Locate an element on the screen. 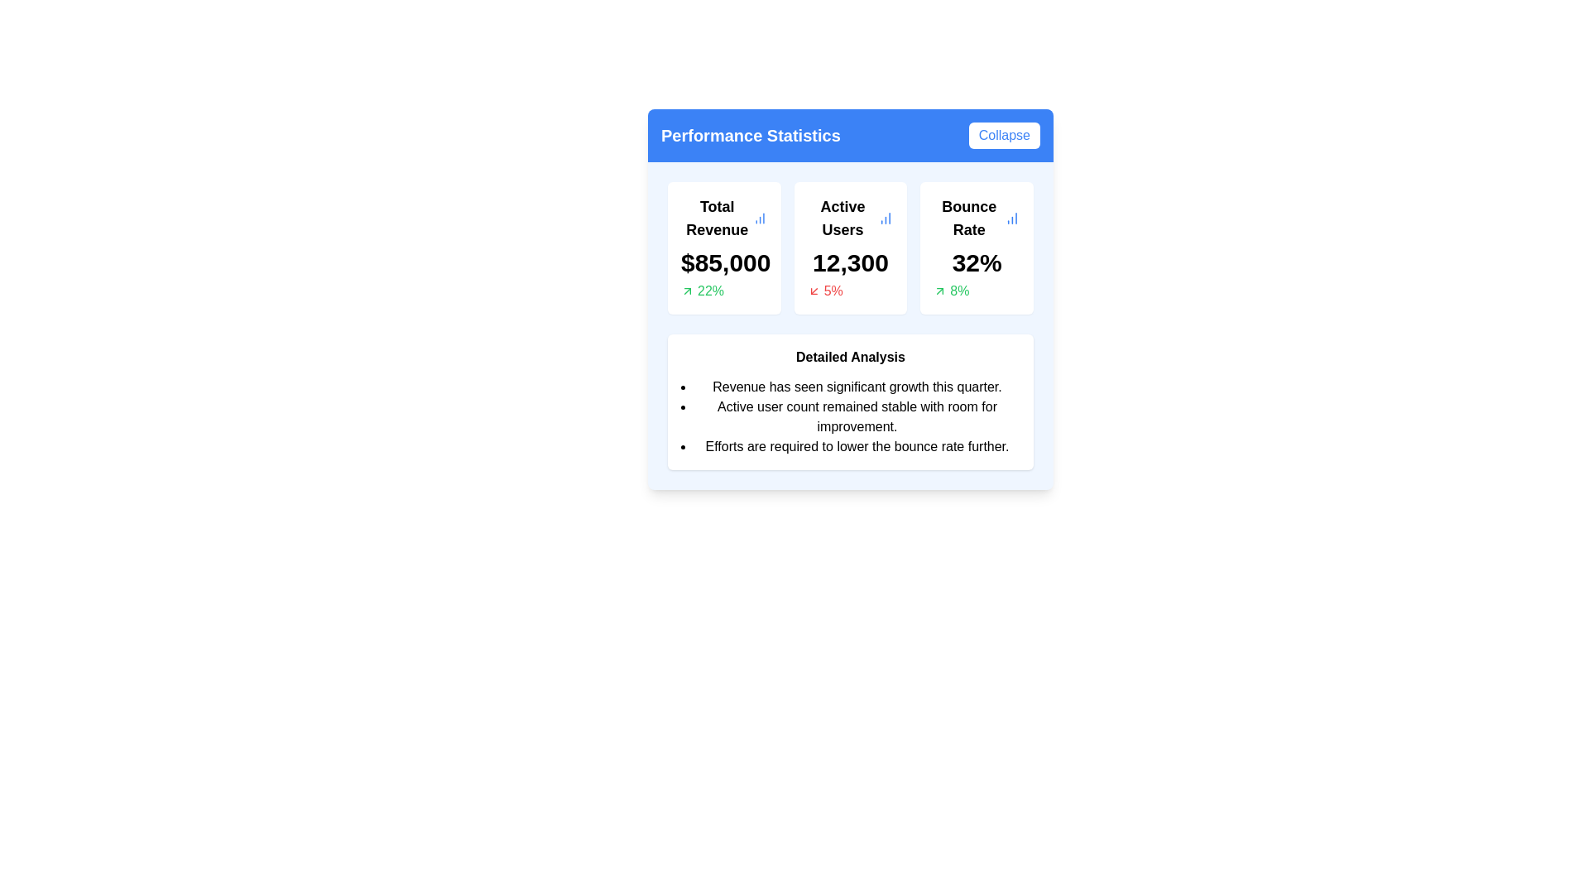 This screenshot has width=1589, height=894. the 'Total Revenue' header, which is styled in bold font and includes a chart icon, located at the top of the statistics panel is located at coordinates (724, 217).